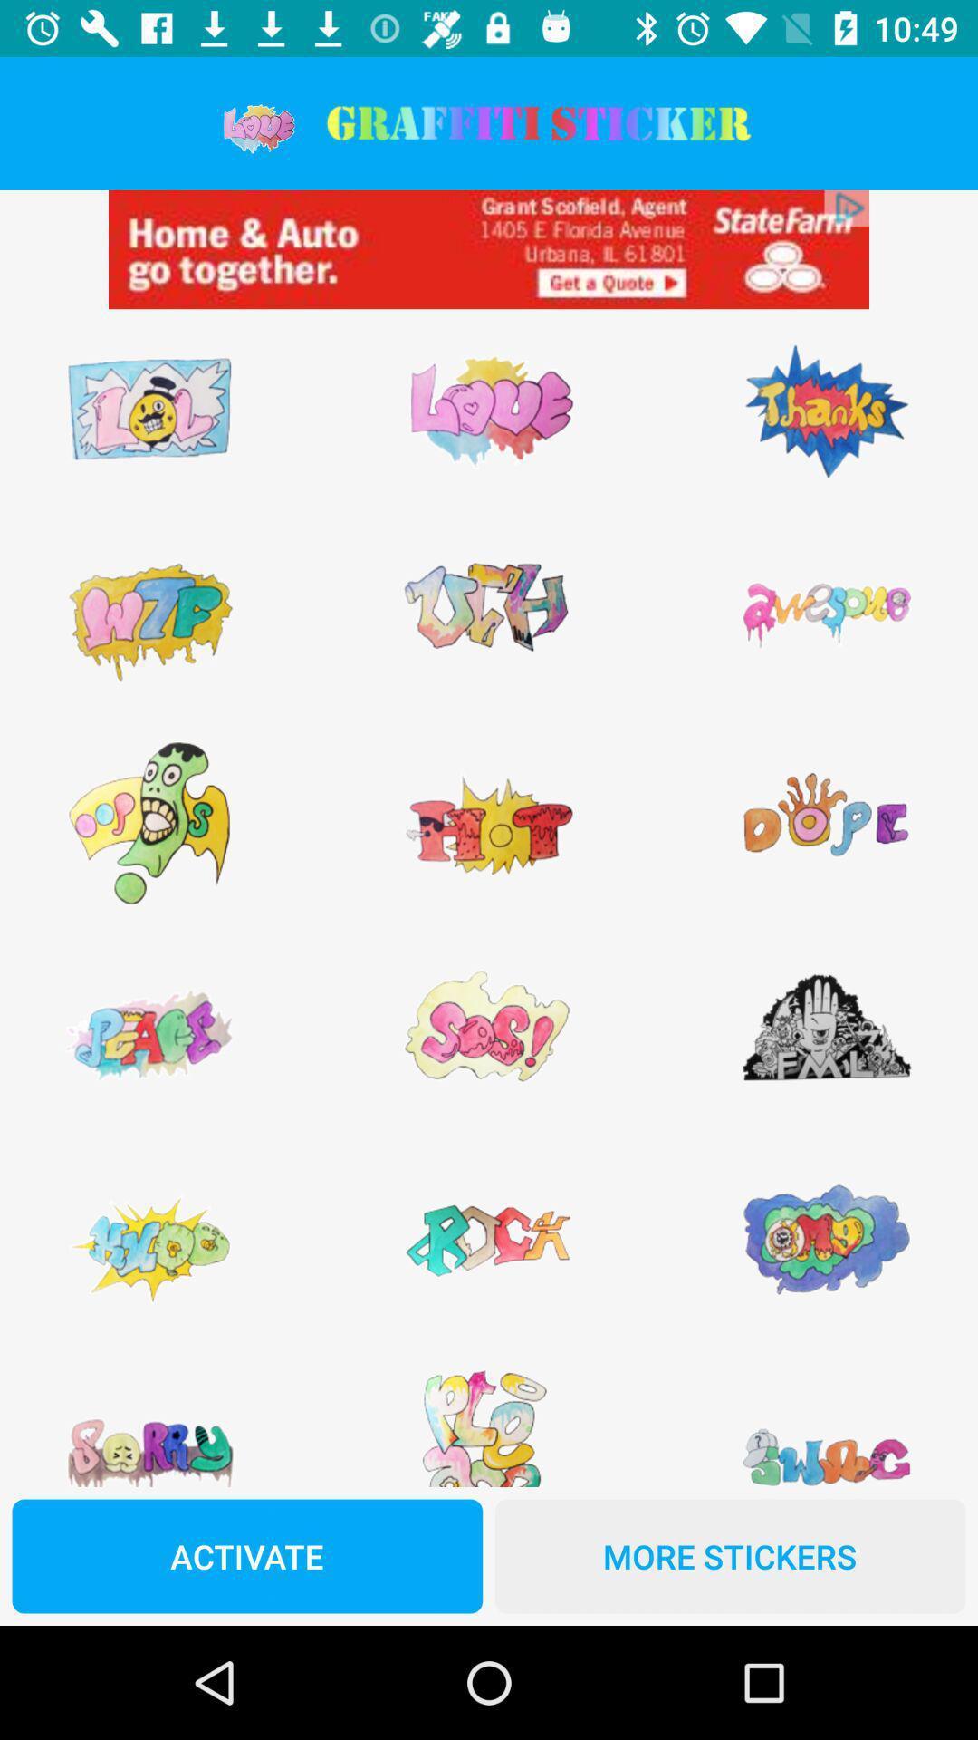 The width and height of the screenshot is (978, 1740). What do you see at coordinates (489, 248) in the screenshot?
I see `advertisements are displayed` at bounding box center [489, 248].